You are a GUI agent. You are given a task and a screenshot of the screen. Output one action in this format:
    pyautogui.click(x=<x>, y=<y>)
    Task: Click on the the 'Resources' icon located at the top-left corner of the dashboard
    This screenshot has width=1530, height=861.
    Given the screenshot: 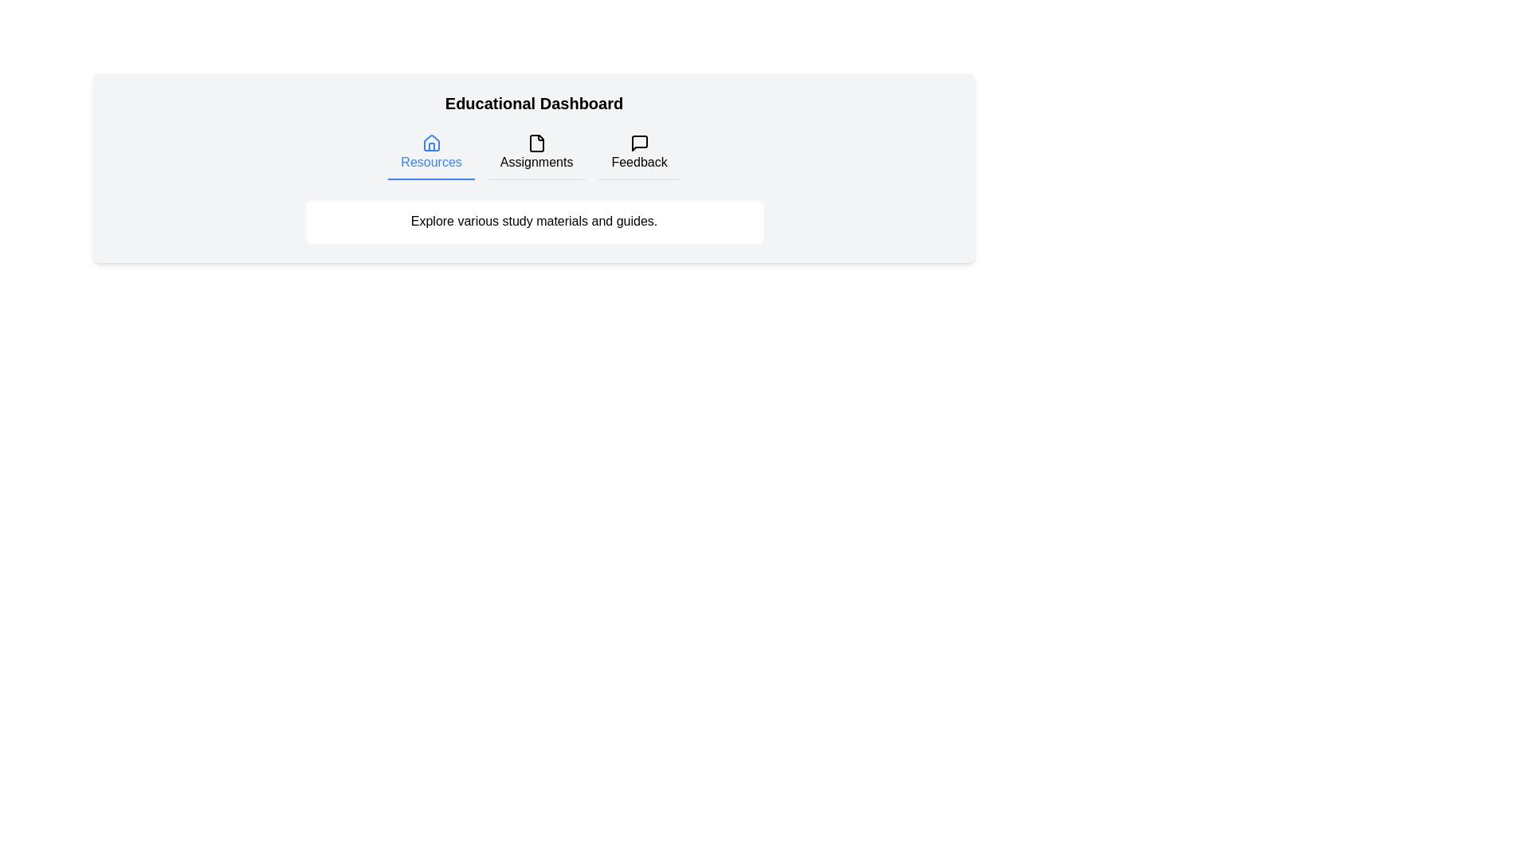 What is the action you would take?
    pyautogui.click(x=431, y=143)
    